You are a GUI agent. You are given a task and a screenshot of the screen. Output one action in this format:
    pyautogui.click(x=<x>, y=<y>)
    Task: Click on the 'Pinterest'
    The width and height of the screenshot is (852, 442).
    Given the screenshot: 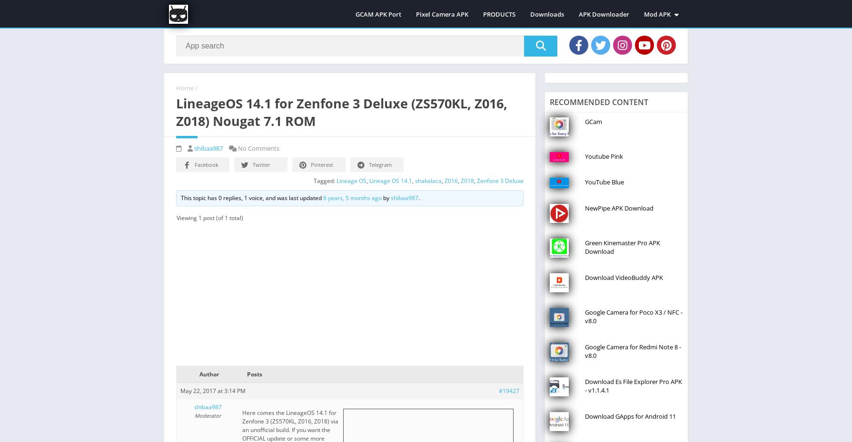 What is the action you would take?
    pyautogui.click(x=321, y=163)
    